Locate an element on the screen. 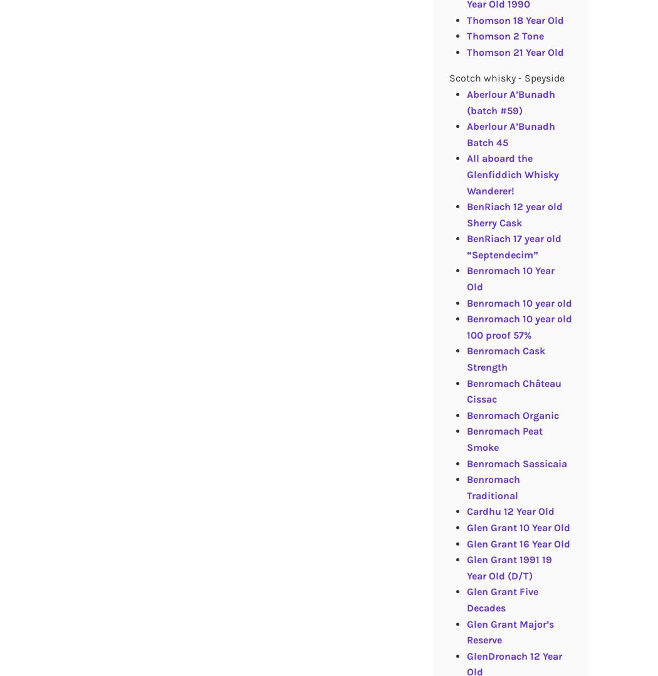 The height and width of the screenshot is (676, 658). 'Aberlour A’Bunadh Batch 45' is located at coordinates (509, 134).